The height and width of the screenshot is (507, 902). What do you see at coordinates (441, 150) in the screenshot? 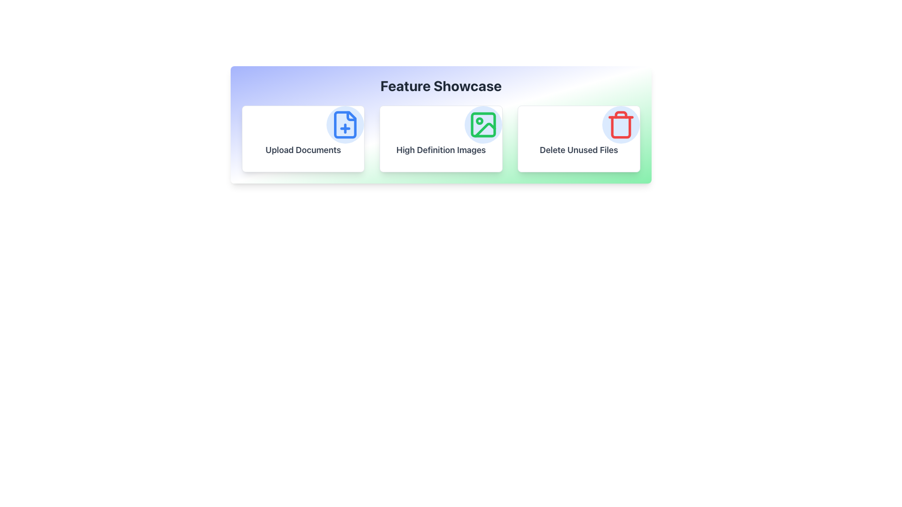
I see `the Text label that describes the feature related to high definition images, located below the image icon within a centered card in the middle column` at bounding box center [441, 150].